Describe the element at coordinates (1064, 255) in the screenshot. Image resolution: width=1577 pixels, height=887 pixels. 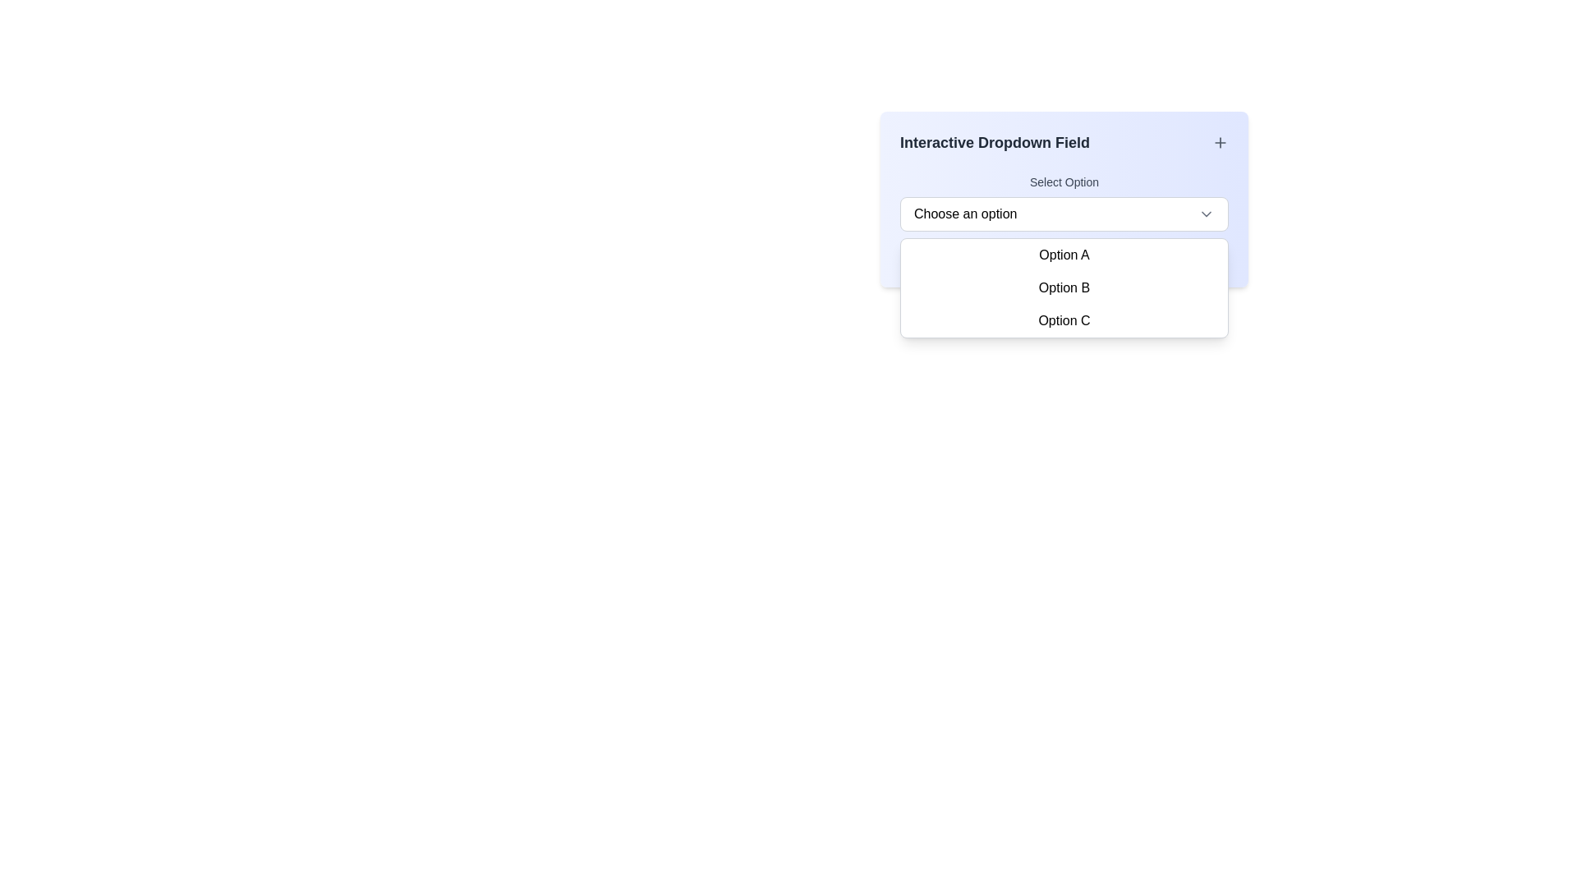
I see `the selectable dropdown menu item labeled 'Option A'` at that location.